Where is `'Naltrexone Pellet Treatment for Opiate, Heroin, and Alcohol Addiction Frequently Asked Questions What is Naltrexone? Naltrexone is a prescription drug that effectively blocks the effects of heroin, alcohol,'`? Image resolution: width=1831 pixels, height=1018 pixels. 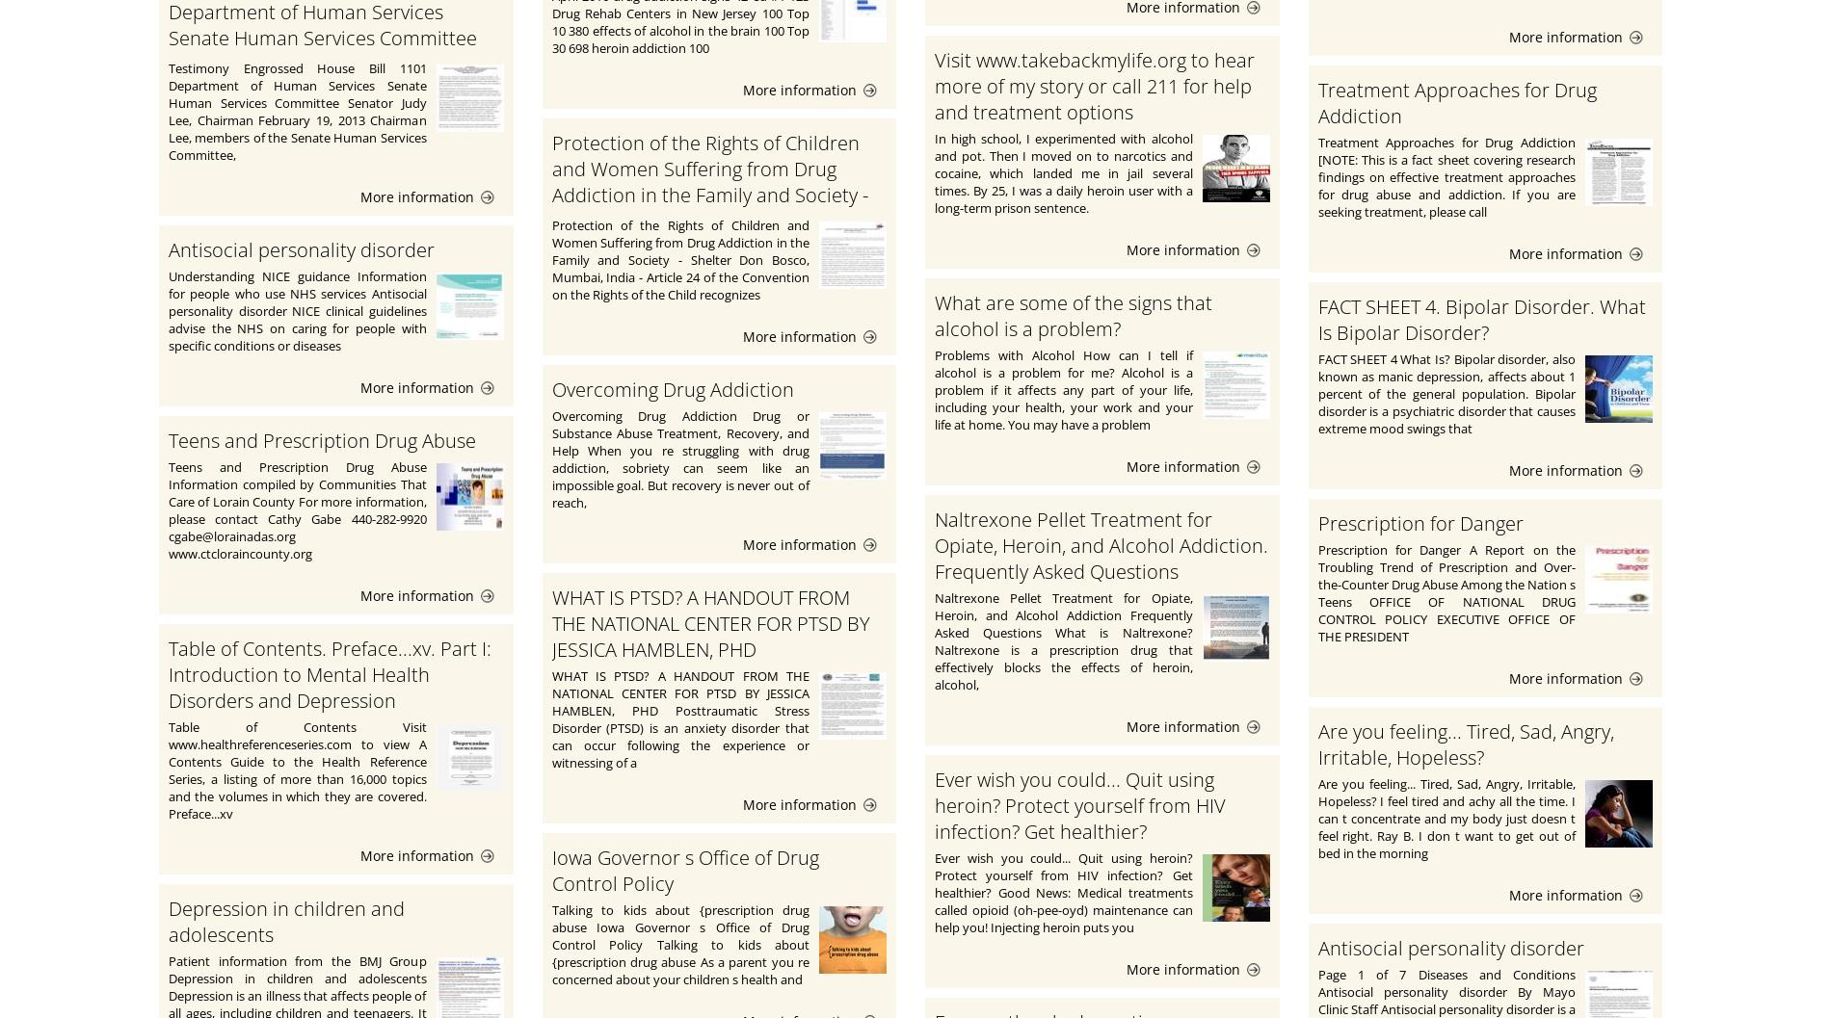 'Naltrexone Pellet Treatment for Opiate, Heroin, and Alcohol Addiction Frequently Asked Questions What is Naltrexone? Naltrexone is a prescription drug that effectively blocks the effects of heroin, alcohol,' is located at coordinates (1063, 641).